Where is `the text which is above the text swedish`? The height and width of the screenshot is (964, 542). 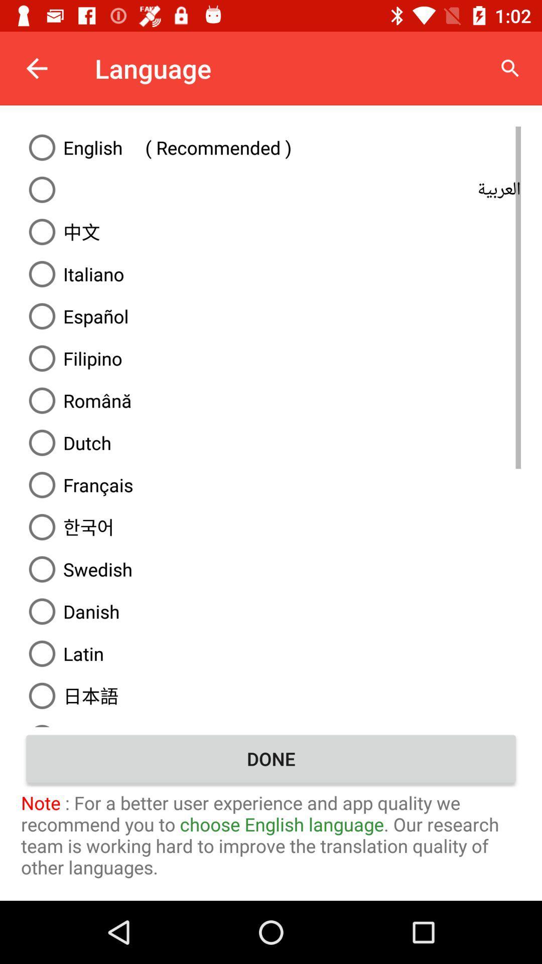
the text which is above the text swedish is located at coordinates (271, 527).